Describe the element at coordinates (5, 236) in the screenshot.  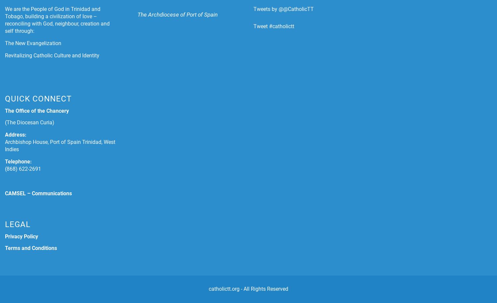
I see `'Privacy Policy'` at that location.